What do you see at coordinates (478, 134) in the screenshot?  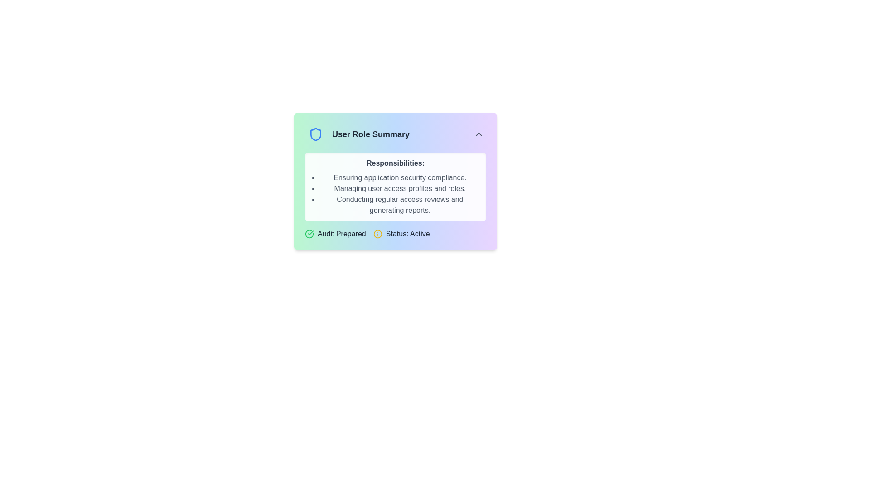 I see `the upward-pointing chevron icon in the top-right corner of the 'User Role Summary' card to interact with it` at bounding box center [478, 134].